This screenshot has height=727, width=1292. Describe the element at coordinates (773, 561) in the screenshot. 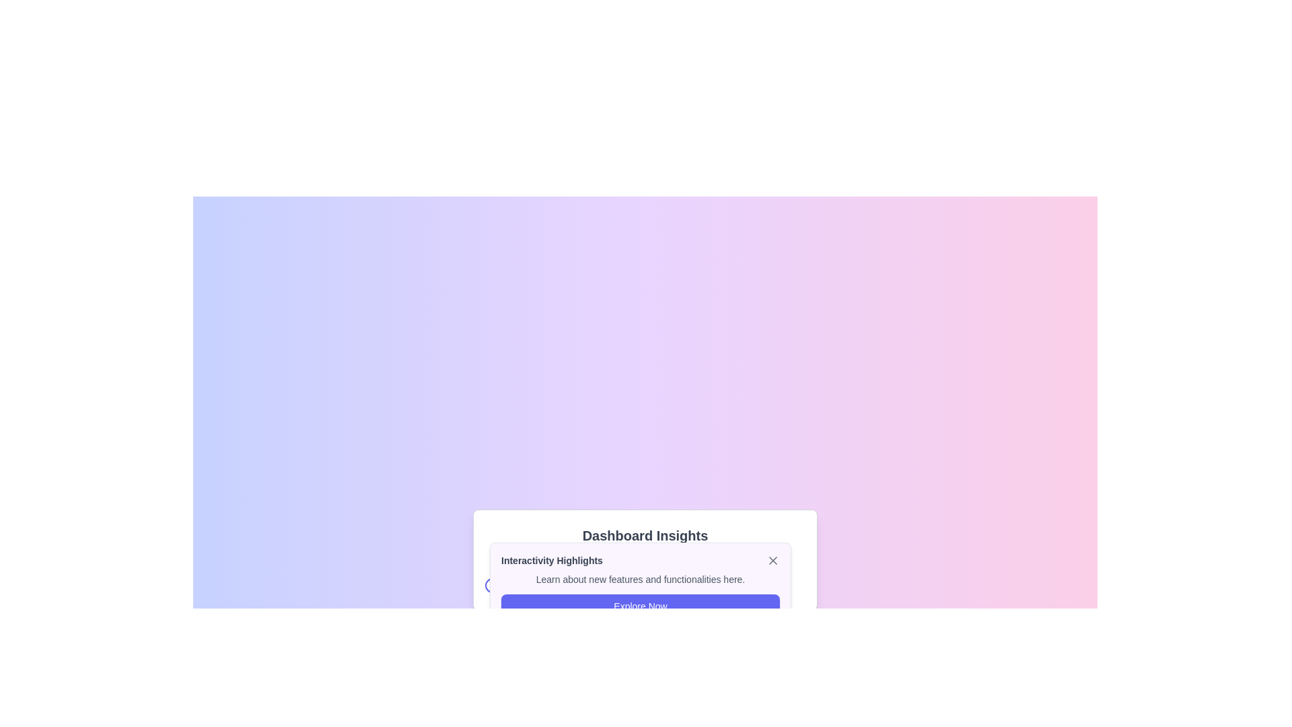

I see `the 'X' close icon in the top-right corner of the 'Dashboard Insights' modal` at that location.